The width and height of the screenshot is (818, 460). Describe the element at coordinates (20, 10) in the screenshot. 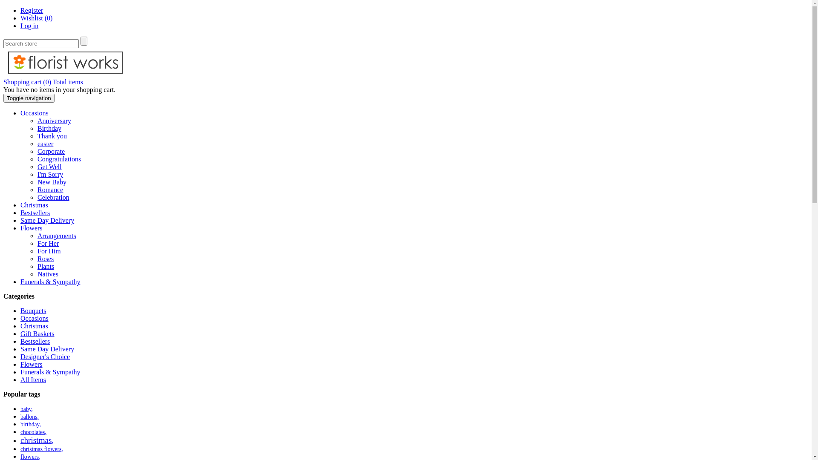

I see `'Register'` at that location.